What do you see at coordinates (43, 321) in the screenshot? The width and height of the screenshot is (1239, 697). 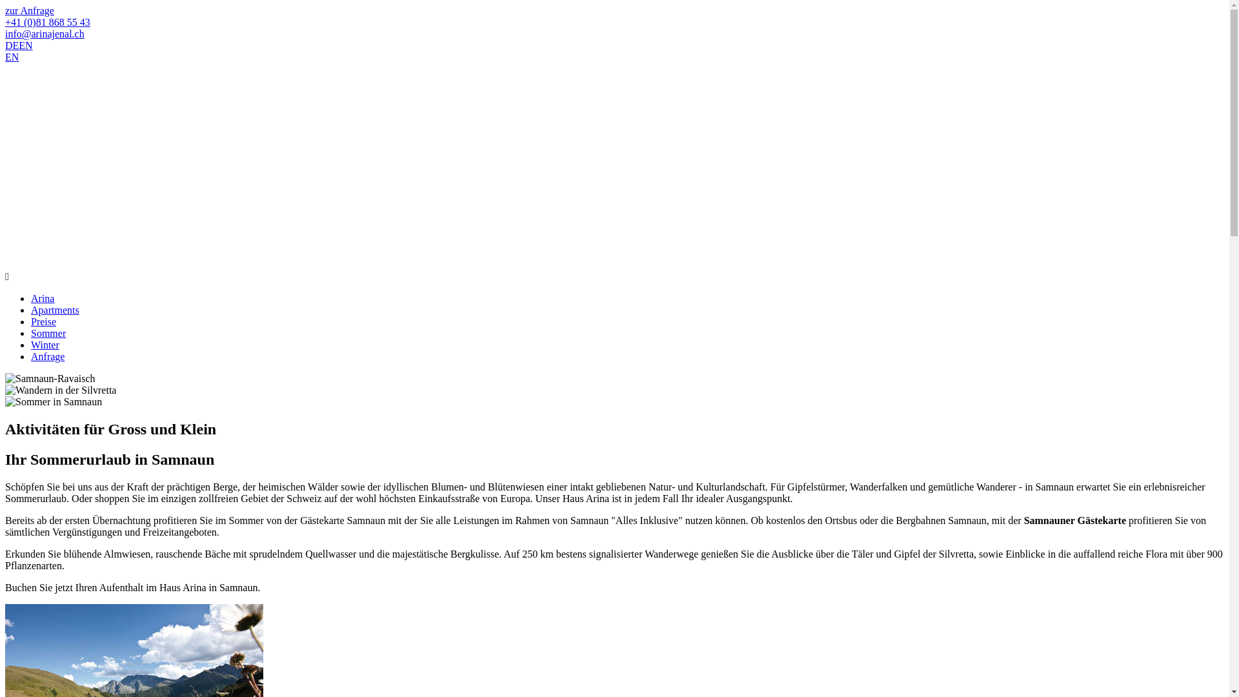 I see `'Preise'` at bounding box center [43, 321].